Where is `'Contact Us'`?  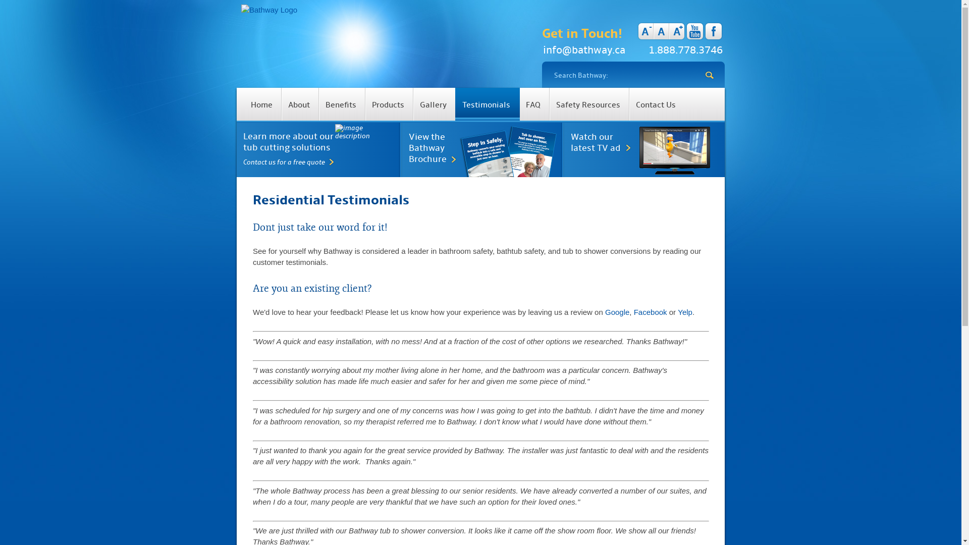
'Contact Us' is located at coordinates (656, 104).